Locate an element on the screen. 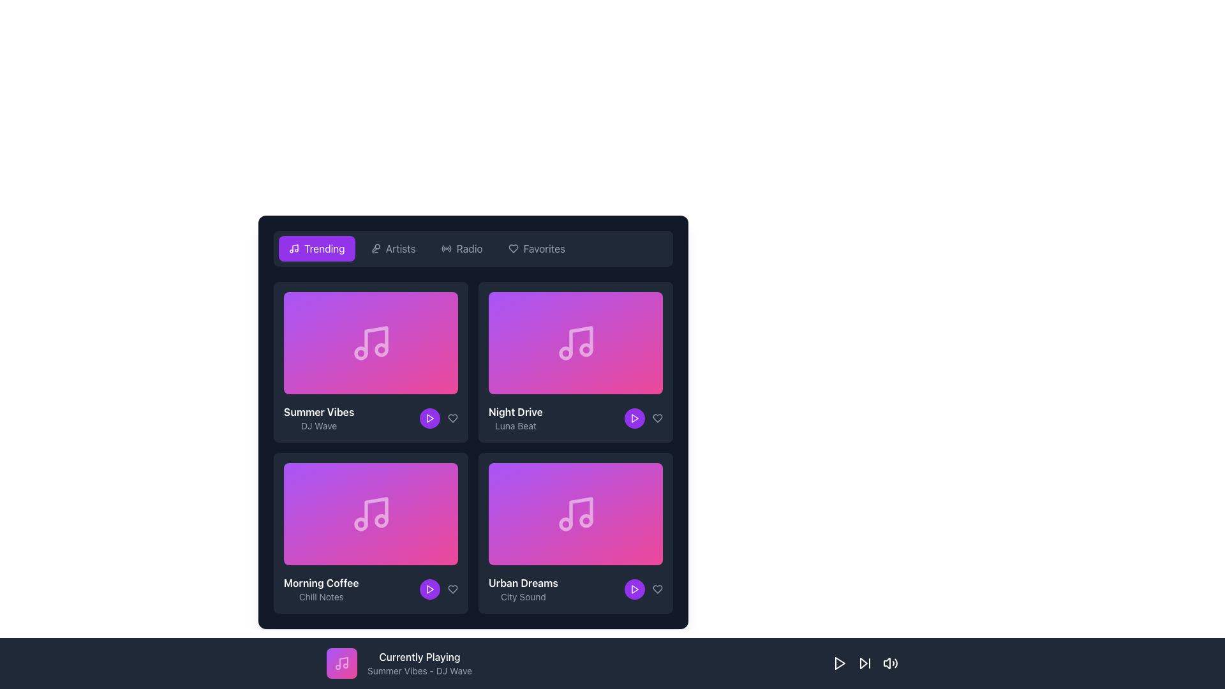  the fourth card in the grid layout representing the music category 'Urban Dreams' is located at coordinates (575, 514).